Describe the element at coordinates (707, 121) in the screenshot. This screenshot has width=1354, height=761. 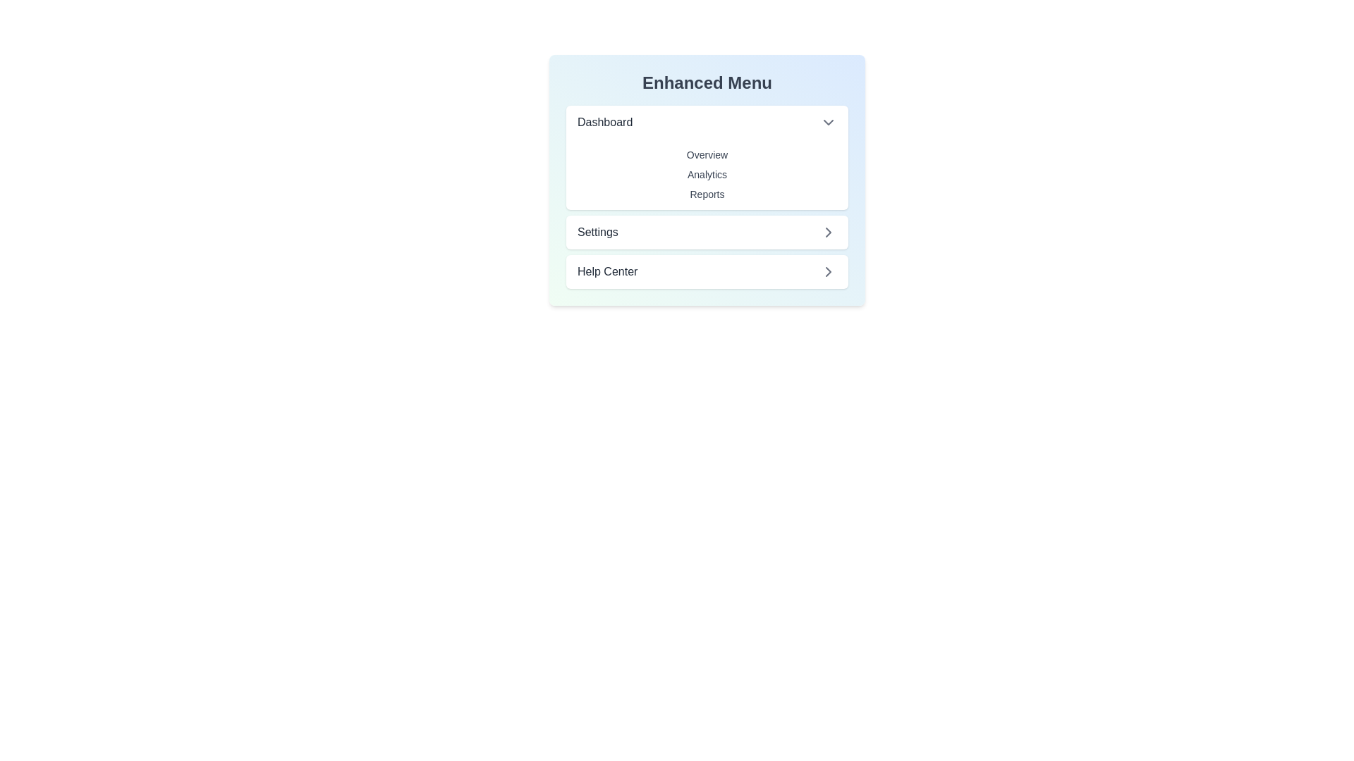
I see `the 'Dashboard' dropdown toggle located at the top of the dropdown panel in the 'Enhanced Menu' interface` at that location.